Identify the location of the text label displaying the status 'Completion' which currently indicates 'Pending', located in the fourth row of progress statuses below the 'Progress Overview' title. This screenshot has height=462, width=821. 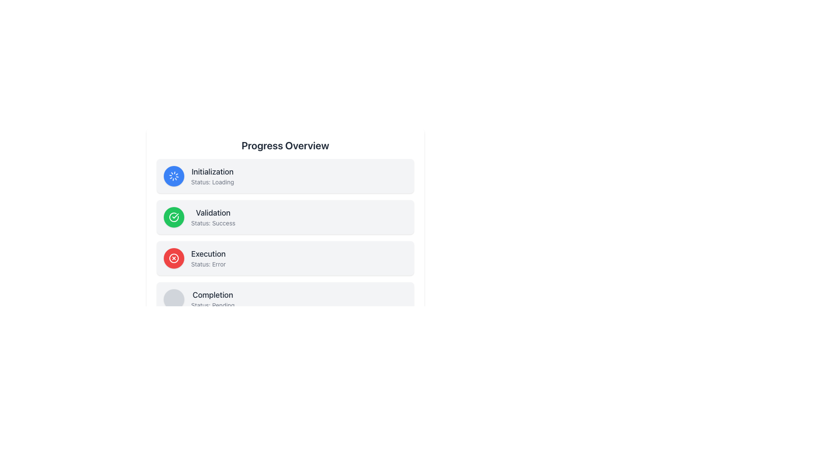
(213, 299).